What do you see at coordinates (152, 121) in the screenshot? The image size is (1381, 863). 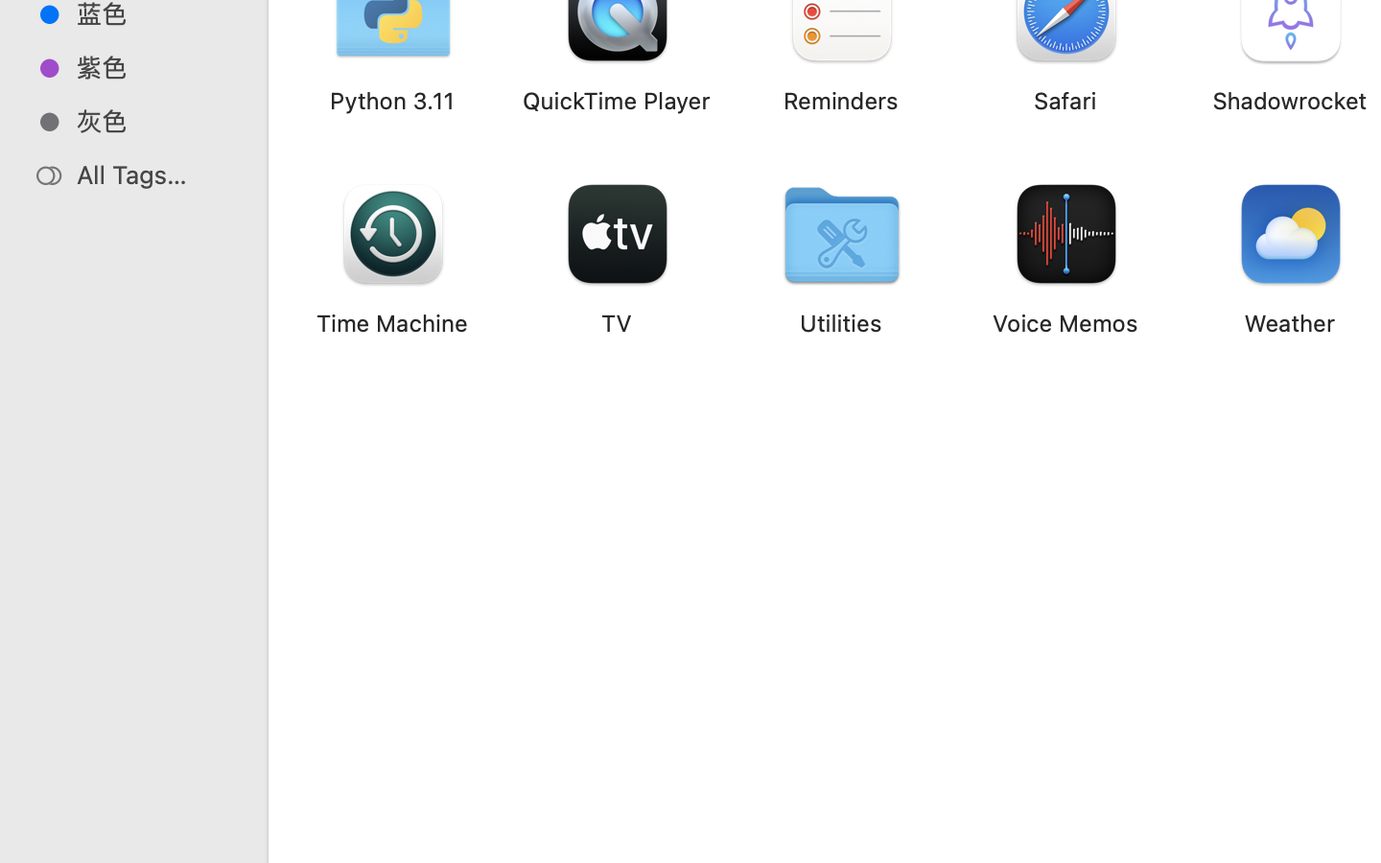 I see `'灰色'` at bounding box center [152, 121].